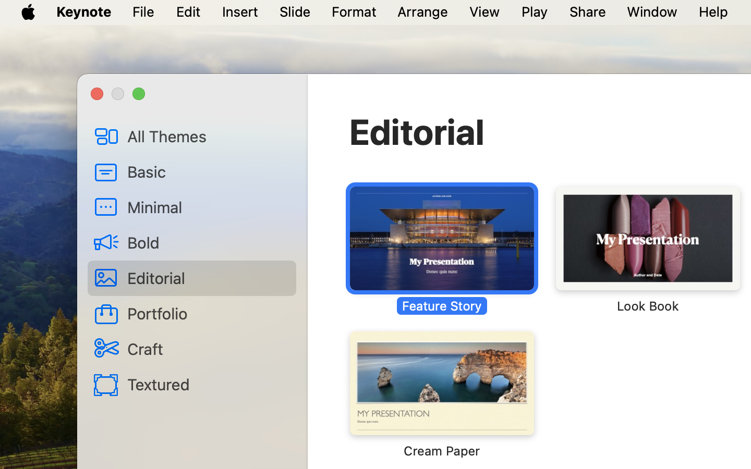 The image size is (751, 469). Describe the element at coordinates (441, 249) in the screenshot. I see `'‎⁨Feature Story⁩'` at that location.